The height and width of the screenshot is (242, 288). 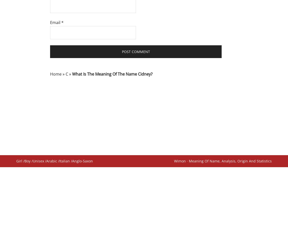 I want to click on 'Girl', so click(x=19, y=161).